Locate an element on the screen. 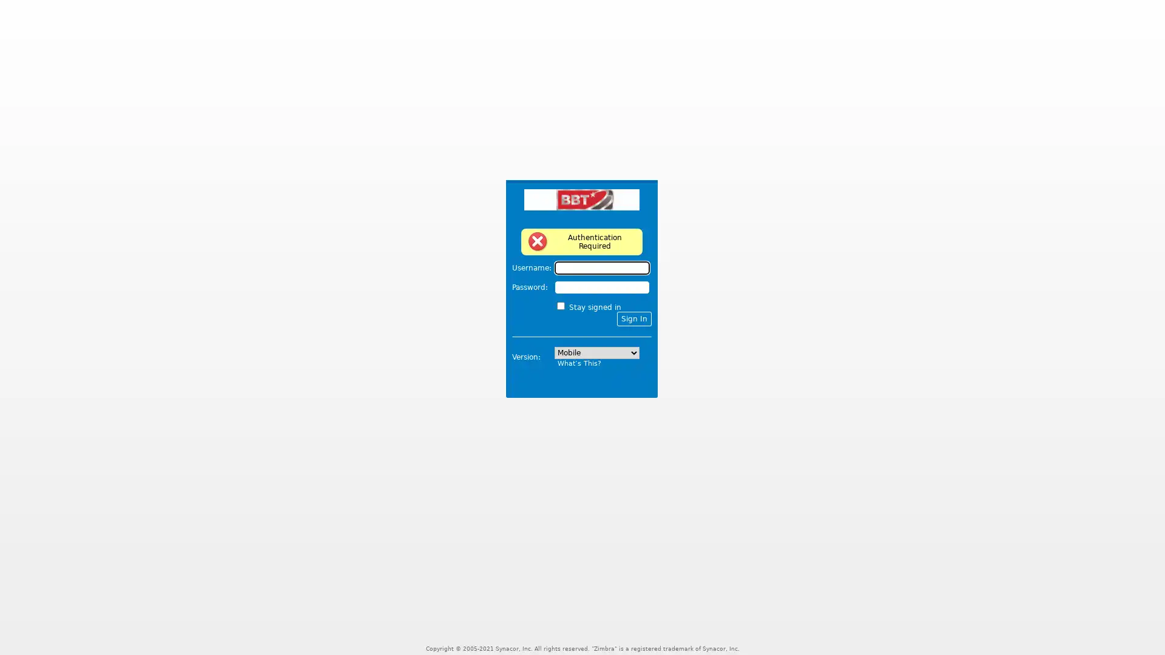 The width and height of the screenshot is (1165, 655). Sign In is located at coordinates (633, 318).